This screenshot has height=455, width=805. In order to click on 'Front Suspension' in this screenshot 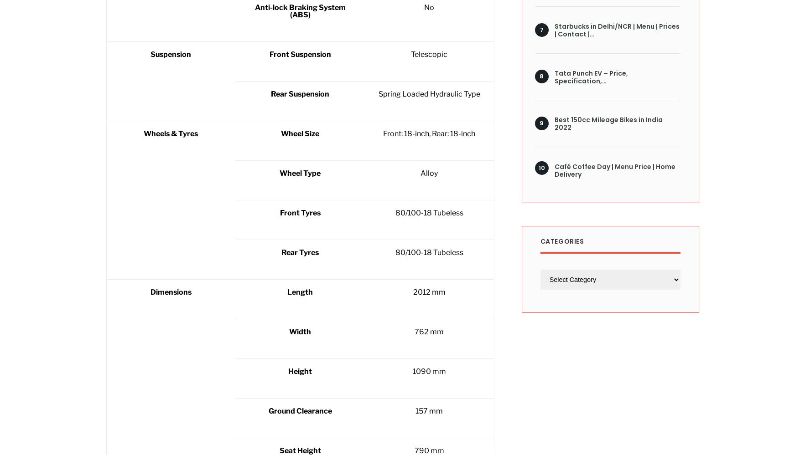, I will do `click(299, 54)`.